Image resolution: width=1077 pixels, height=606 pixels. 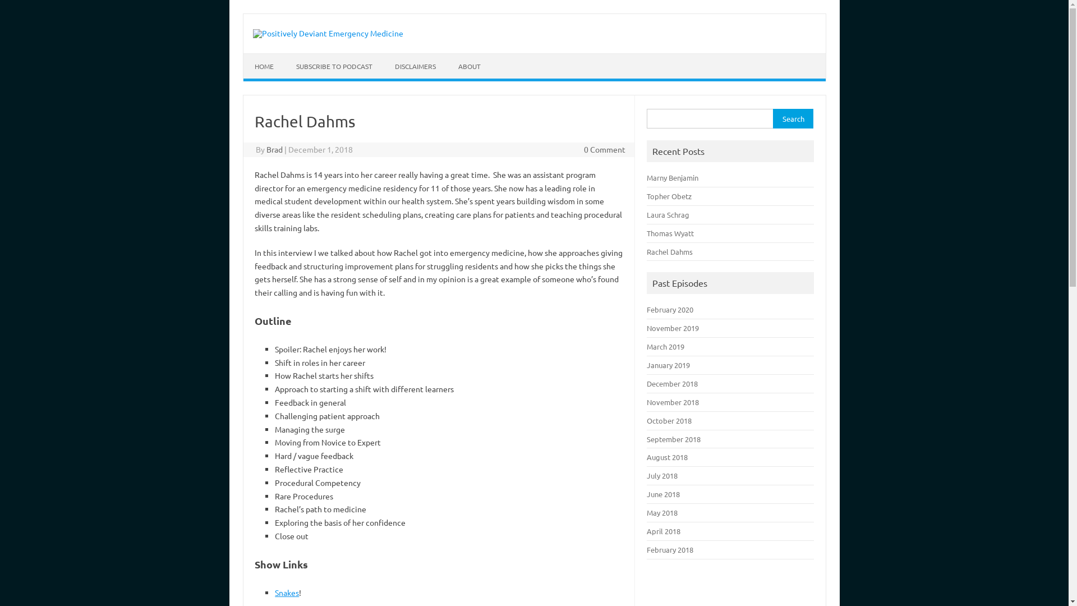 What do you see at coordinates (604, 149) in the screenshot?
I see `'0 Comment'` at bounding box center [604, 149].